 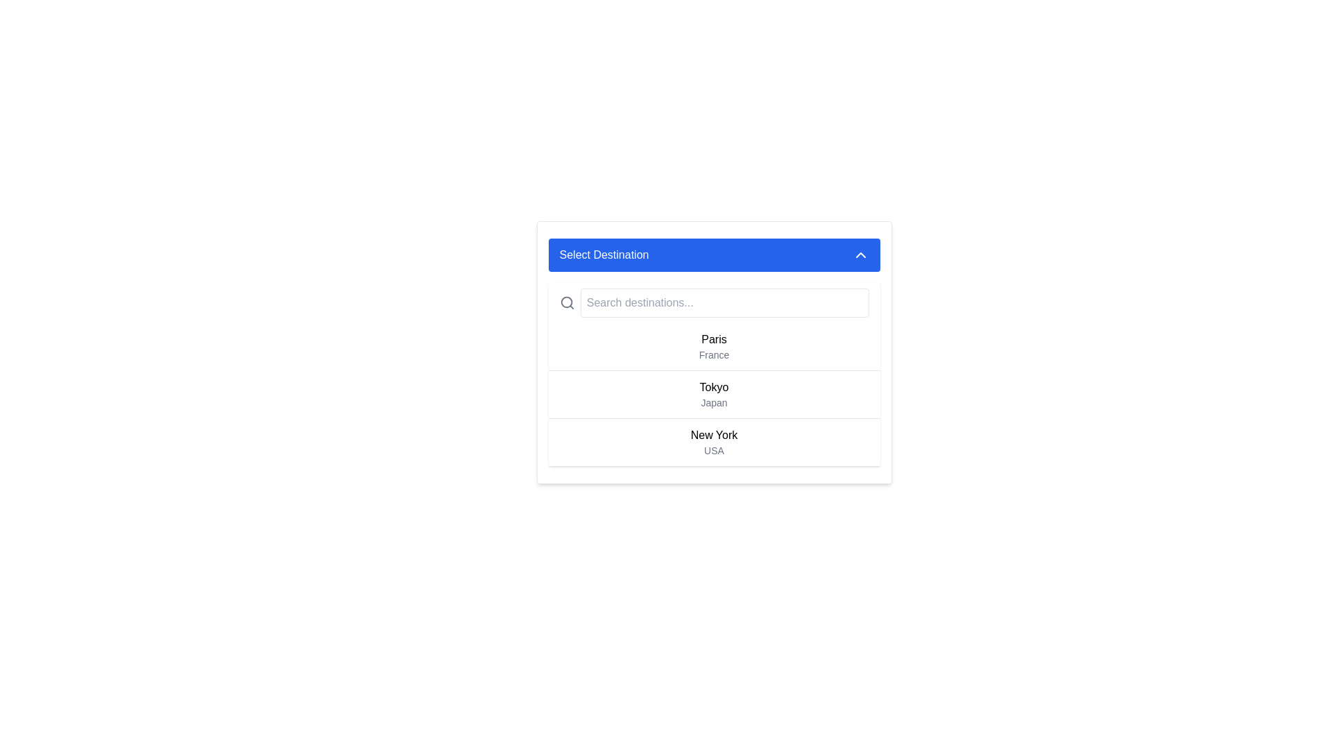 I want to click on the dropdown button at the top center of the interface, so click(x=714, y=255).